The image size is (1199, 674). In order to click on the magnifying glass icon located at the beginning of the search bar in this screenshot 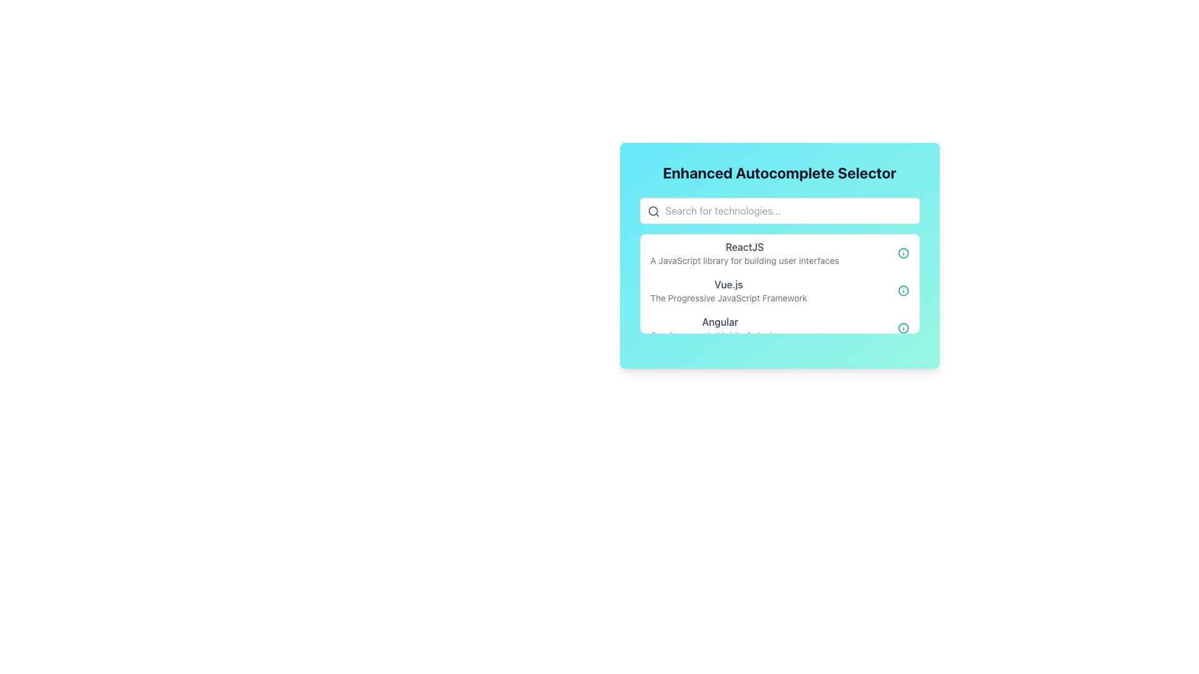, I will do `click(653, 211)`.